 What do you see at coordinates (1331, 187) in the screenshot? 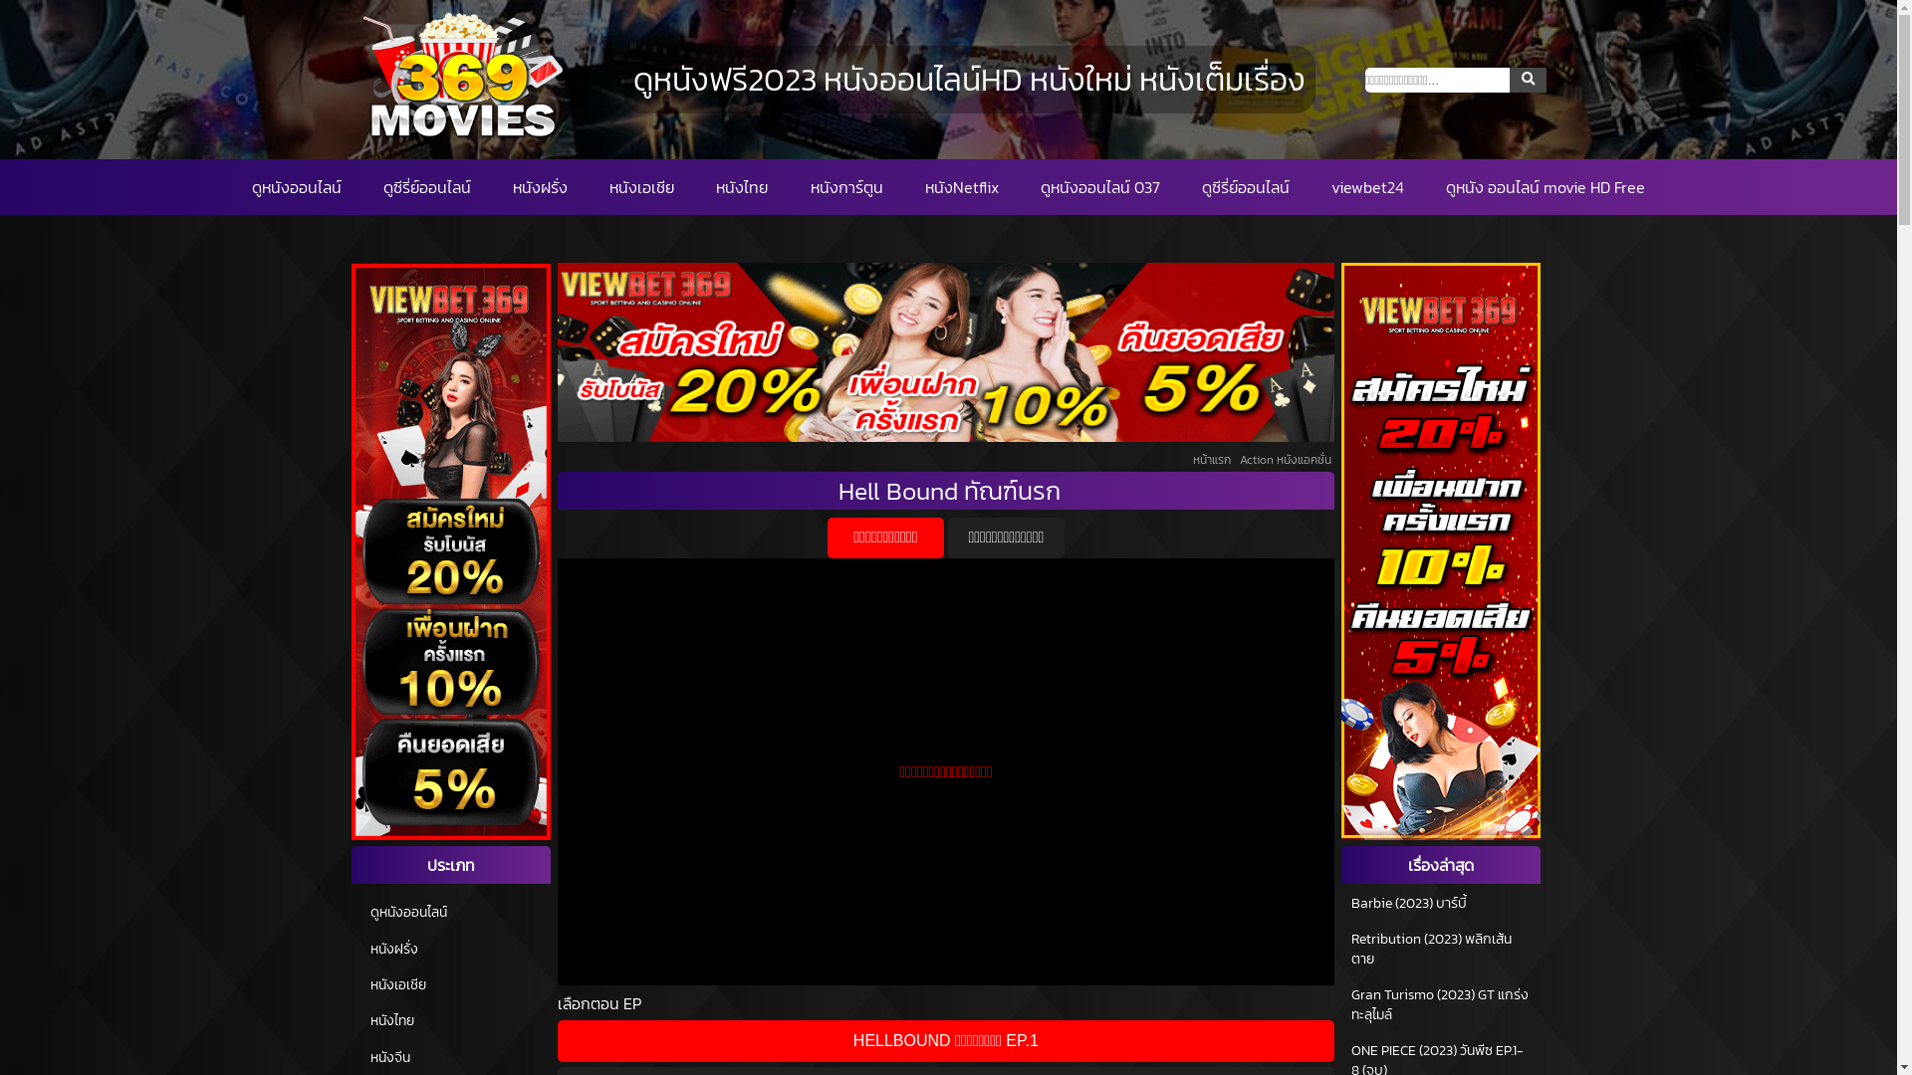
I see `'viewbet24'` at bounding box center [1331, 187].